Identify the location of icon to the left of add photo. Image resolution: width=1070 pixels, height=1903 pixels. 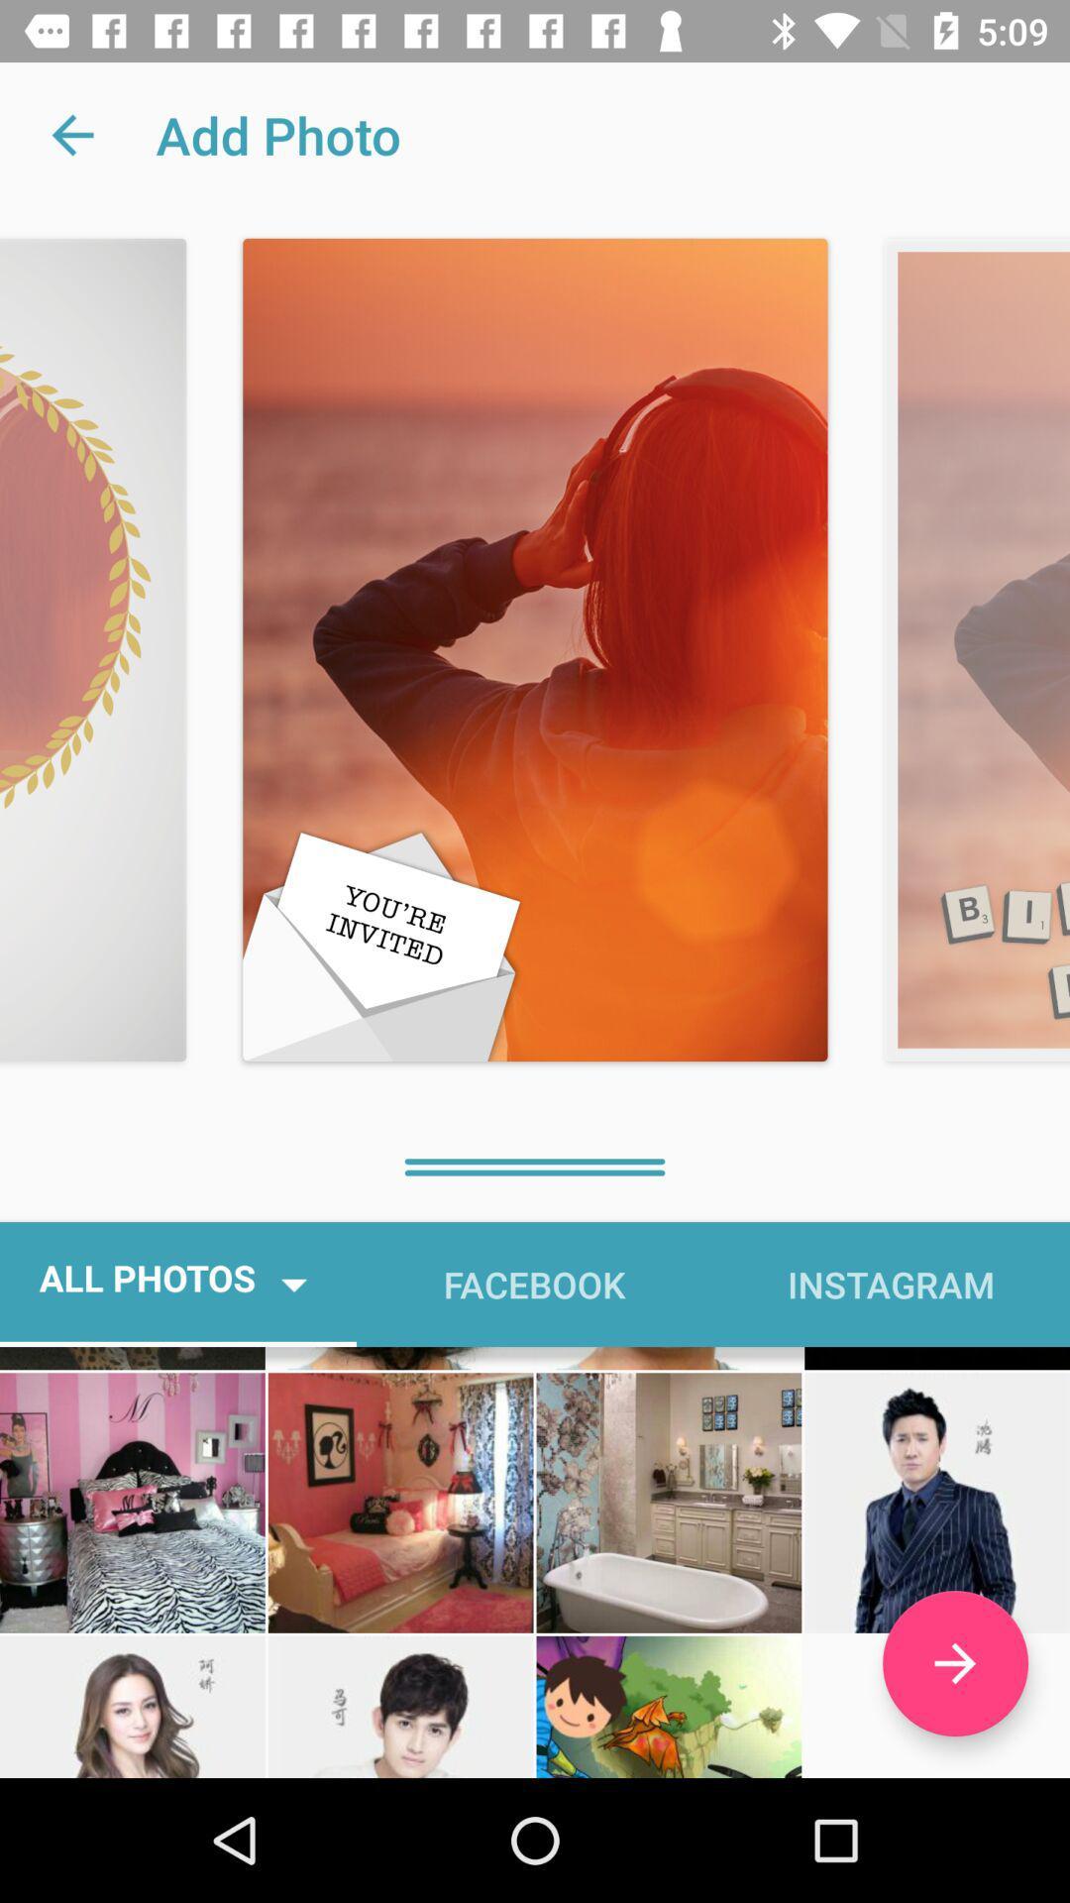
(71, 134).